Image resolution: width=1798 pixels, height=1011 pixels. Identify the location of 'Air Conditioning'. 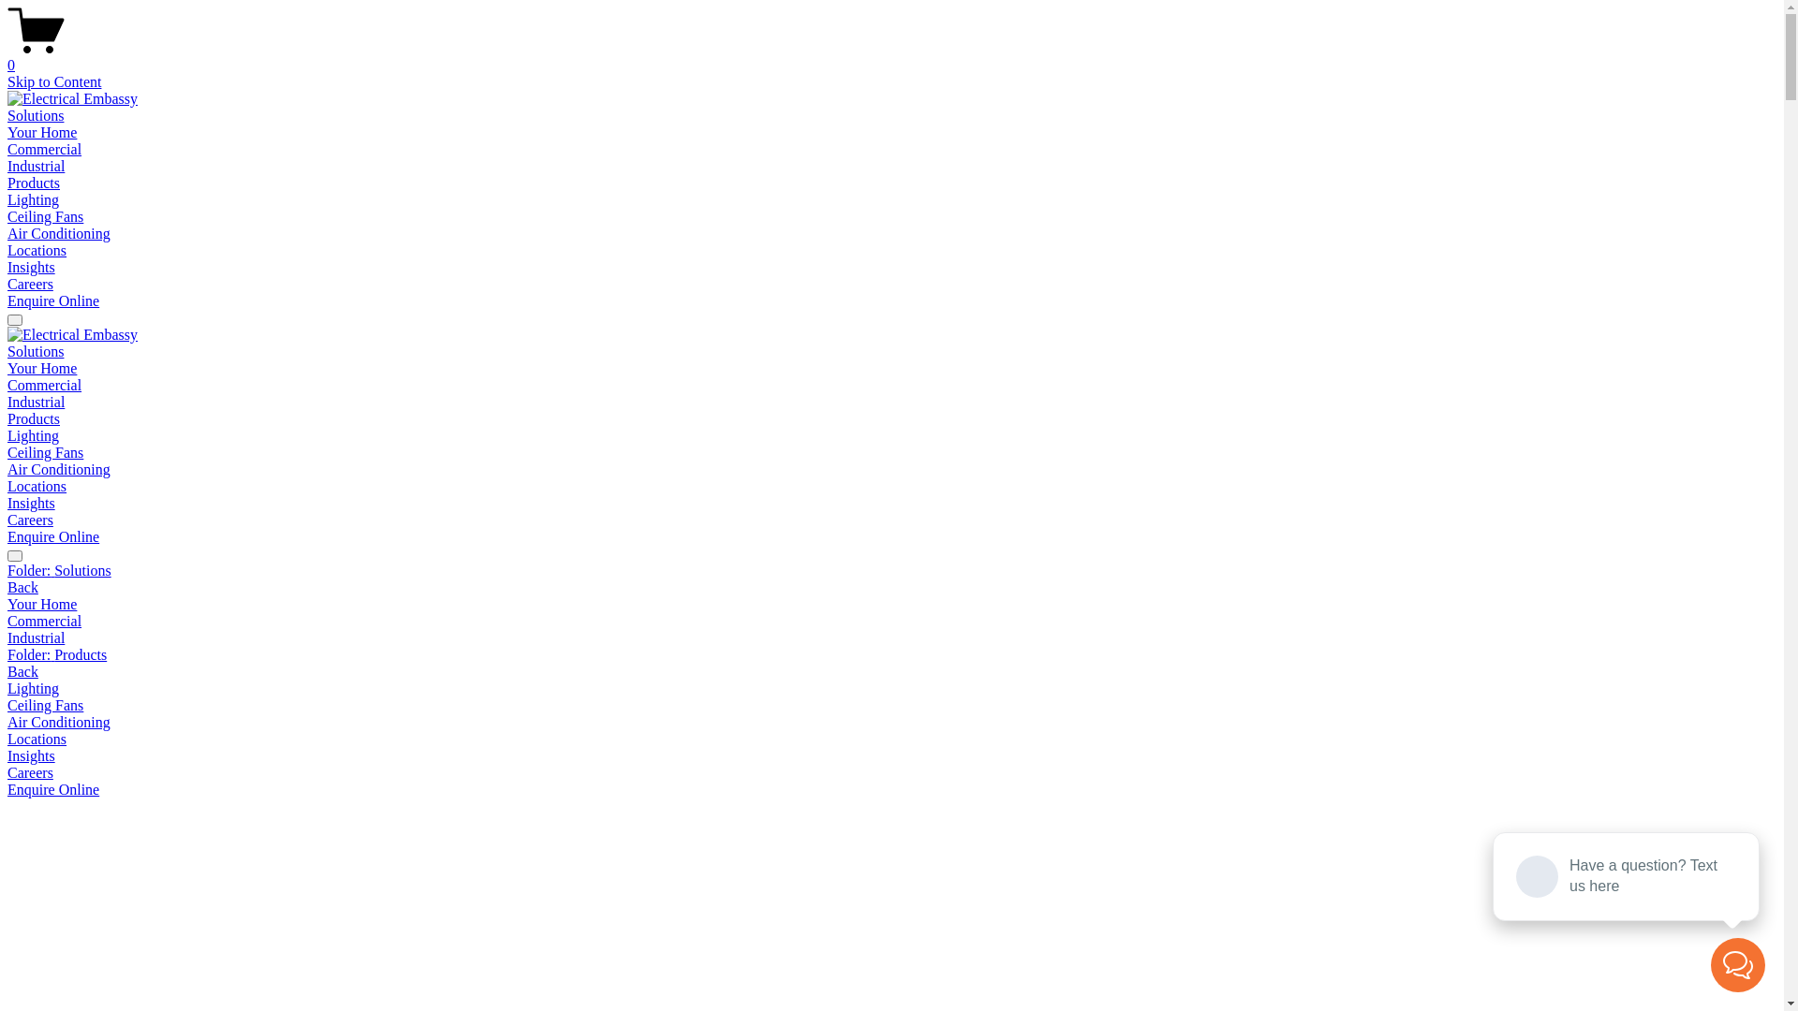
(58, 232).